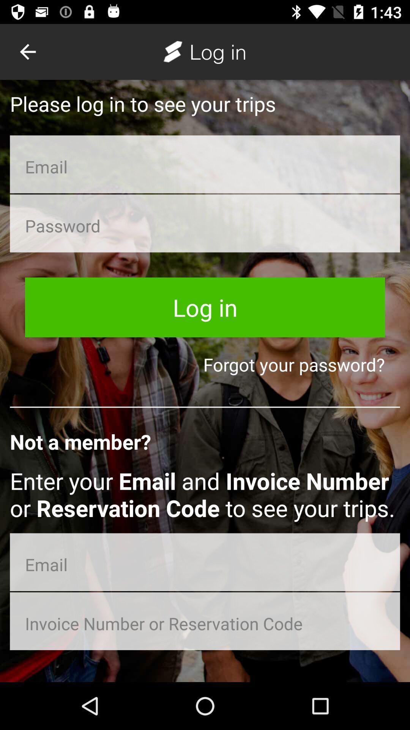 The width and height of the screenshot is (410, 730). Describe the element at coordinates (205, 562) in the screenshot. I see `email in the box` at that location.